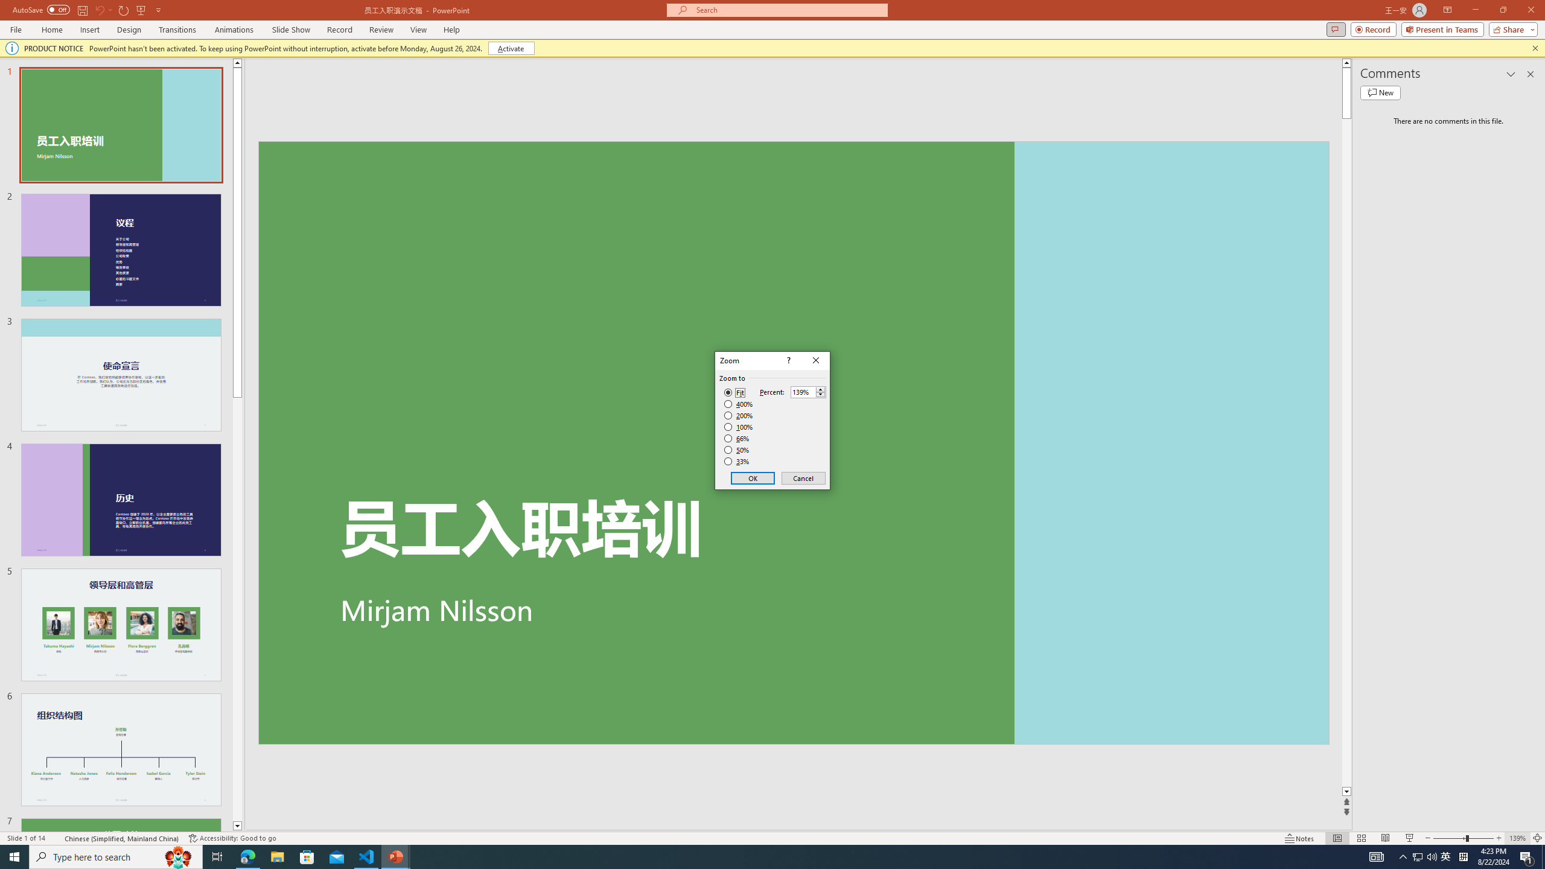 This screenshot has width=1545, height=869. Describe the element at coordinates (809, 391) in the screenshot. I see `'Percent'` at that location.